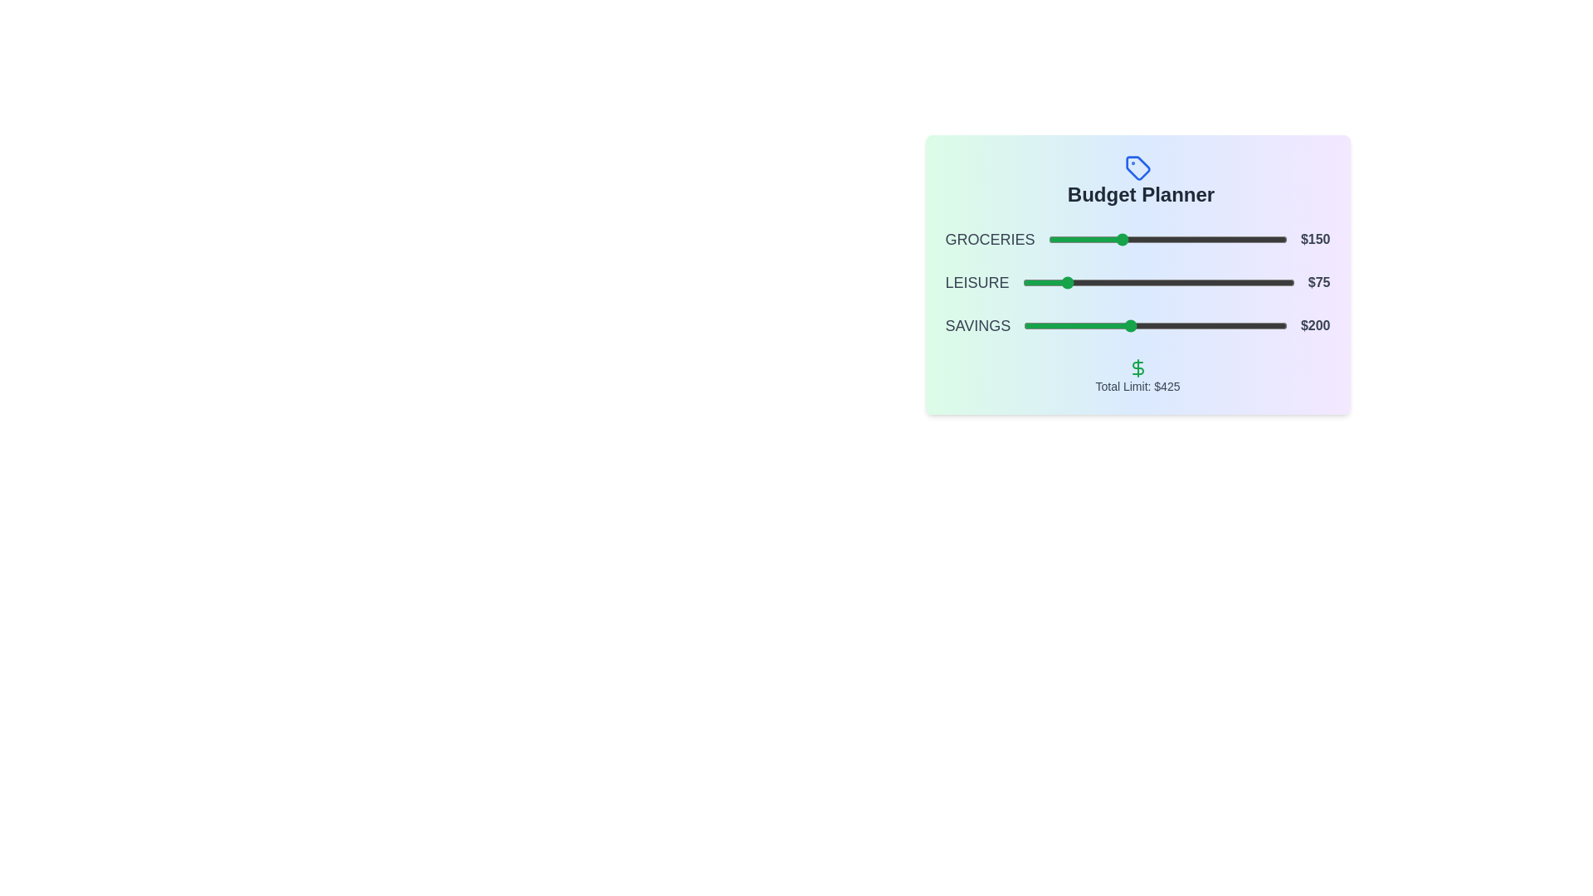 This screenshot has height=896, width=1593. I want to click on the slider for 1 to 175, so click(1131, 281).